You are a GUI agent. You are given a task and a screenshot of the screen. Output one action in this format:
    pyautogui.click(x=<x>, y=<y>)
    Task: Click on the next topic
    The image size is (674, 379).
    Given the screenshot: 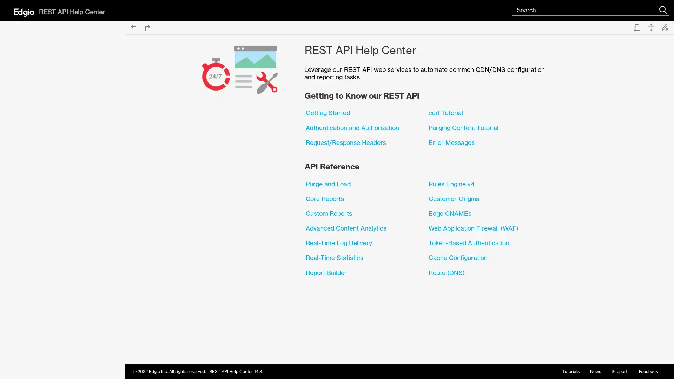 What is the action you would take?
    pyautogui.click(x=147, y=27)
    